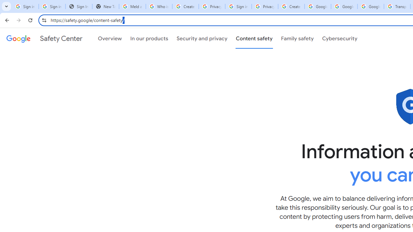 This screenshot has height=232, width=413. Describe the element at coordinates (291, 6) in the screenshot. I see `'Create your Google Account'` at that location.